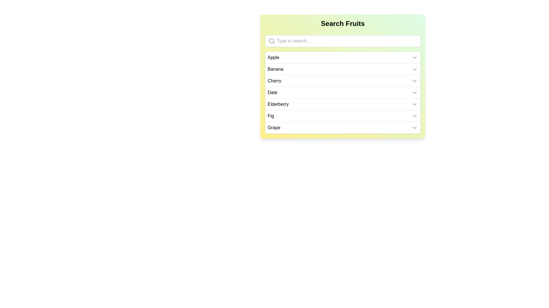  I want to click on the downward arrow icon of the Dropdown toggle button located to the right of the text 'Fig' in the sixth row of the 'Search Fruits' list, so click(414, 116).